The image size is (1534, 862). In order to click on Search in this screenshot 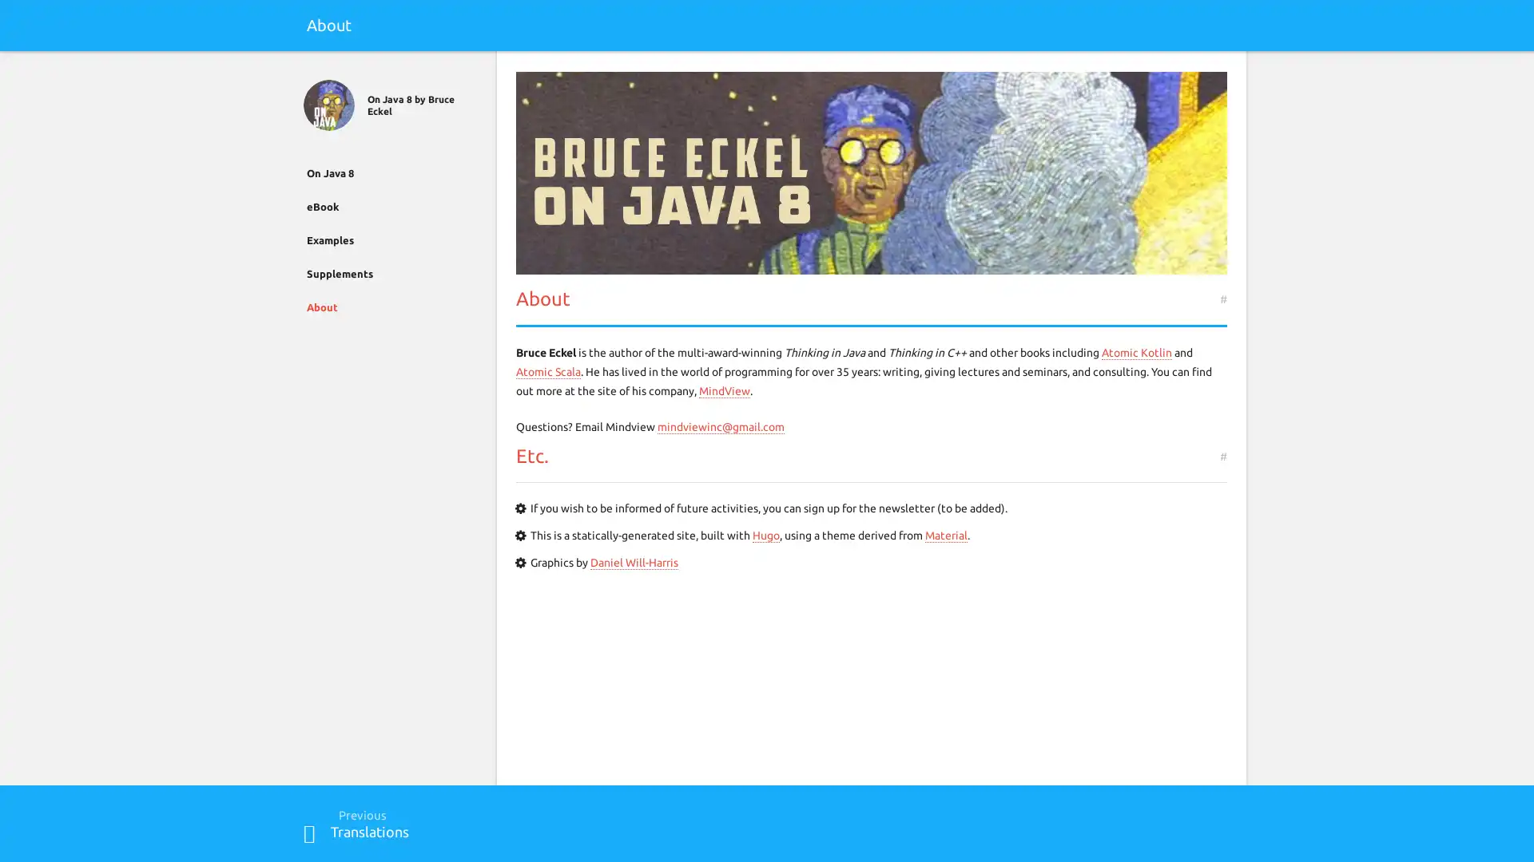, I will do `click(1223, 69)`.